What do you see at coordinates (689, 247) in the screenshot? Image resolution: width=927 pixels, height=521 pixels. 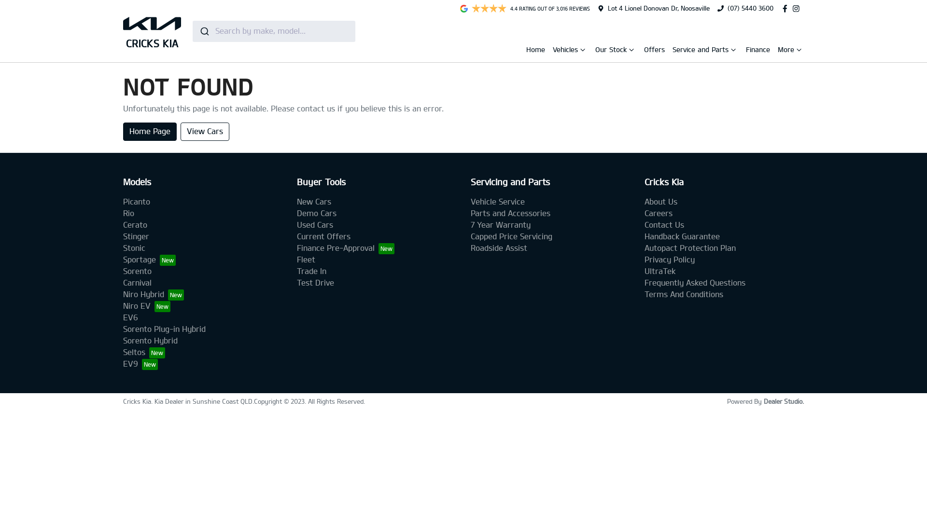 I see `'Autopact Protection Plan'` at bounding box center [689, 247].